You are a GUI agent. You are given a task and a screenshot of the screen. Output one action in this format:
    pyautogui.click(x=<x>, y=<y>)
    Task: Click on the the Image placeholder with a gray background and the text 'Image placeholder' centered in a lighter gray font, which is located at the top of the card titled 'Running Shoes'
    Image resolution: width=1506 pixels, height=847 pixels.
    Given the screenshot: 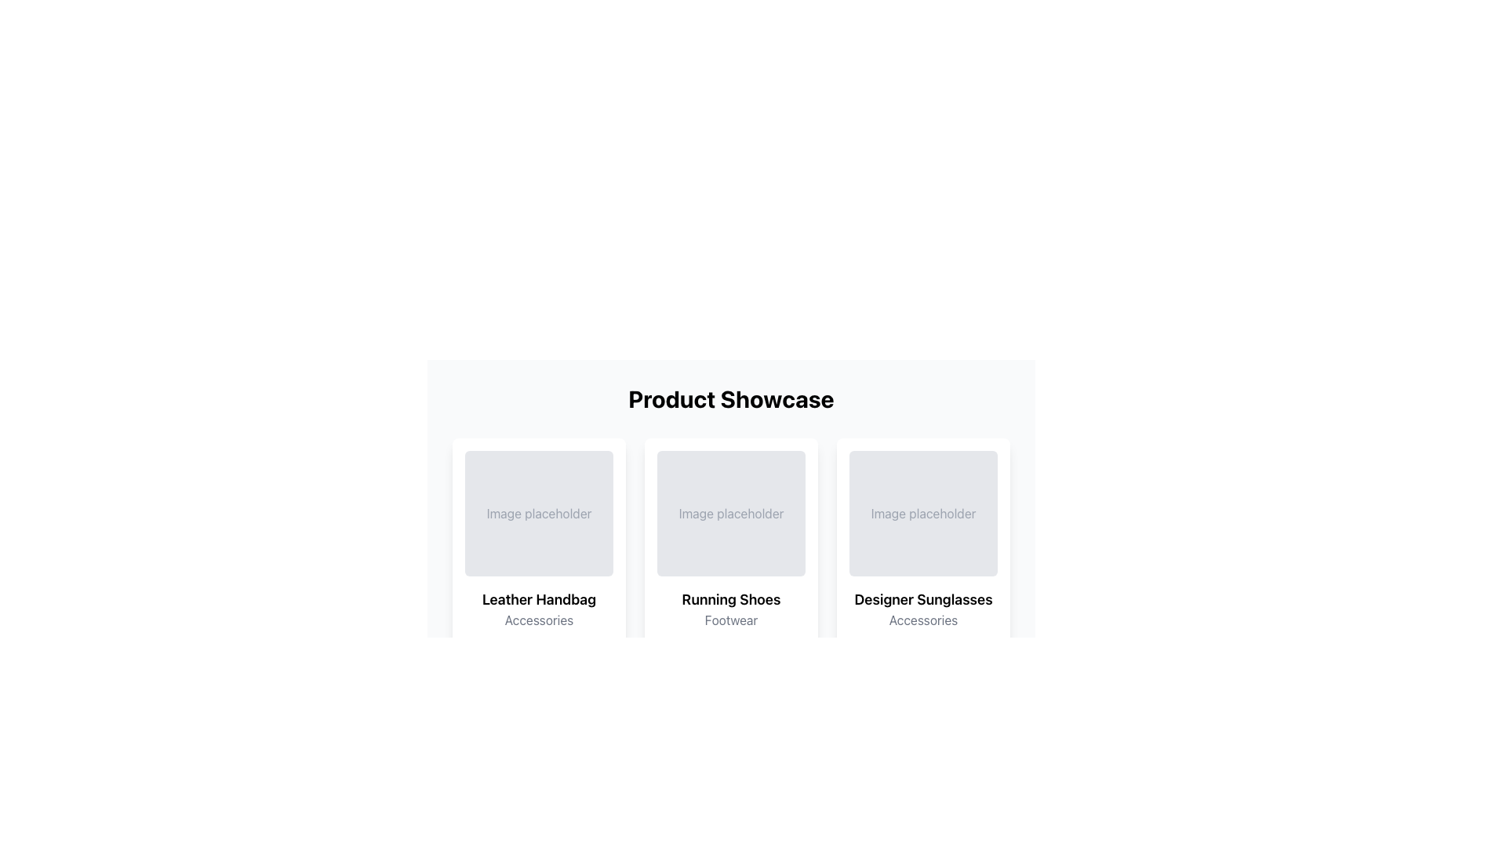 What is the action you would take?
    pyautogui.click(x=730, y=514)
    